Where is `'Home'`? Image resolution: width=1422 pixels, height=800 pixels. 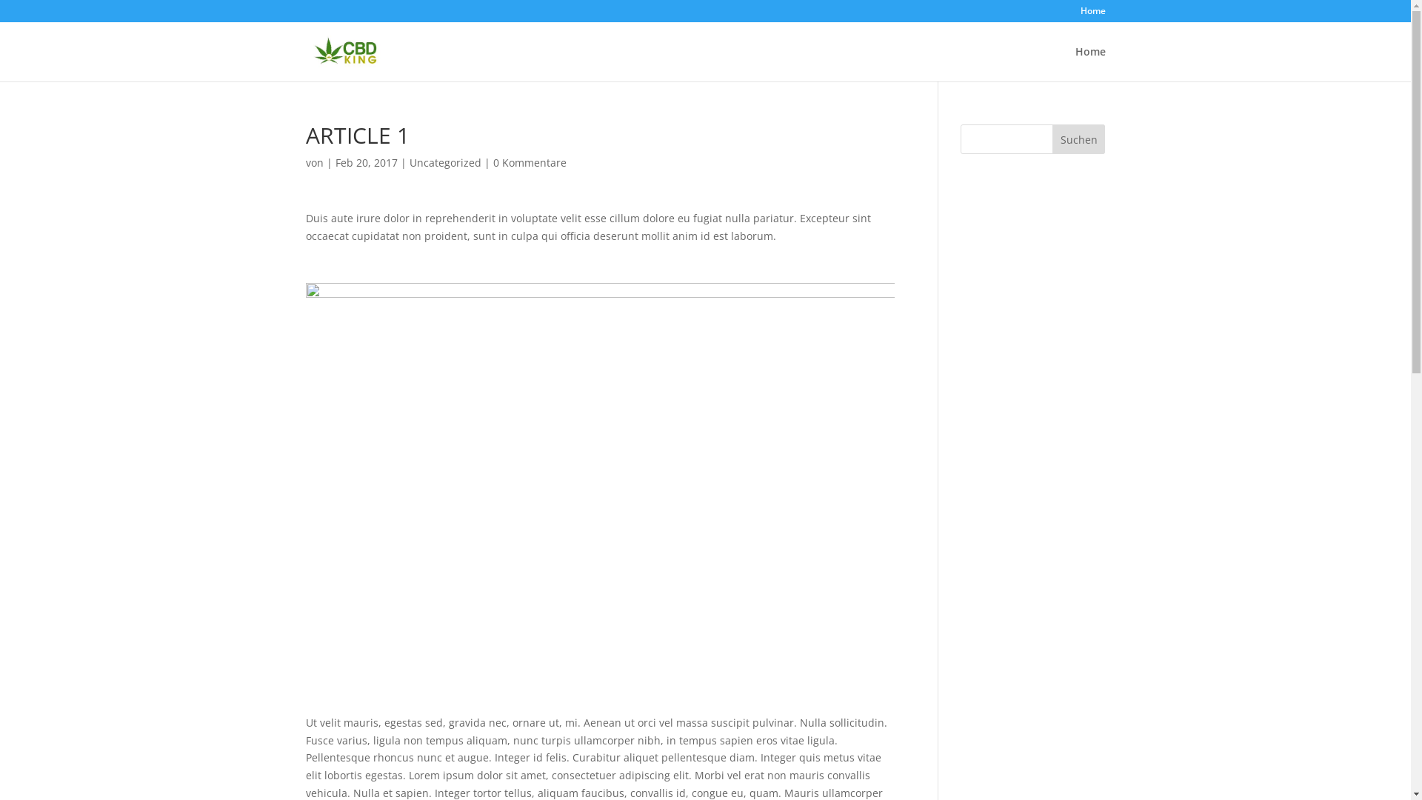 'Home' is located at coordinates (1092, 14).